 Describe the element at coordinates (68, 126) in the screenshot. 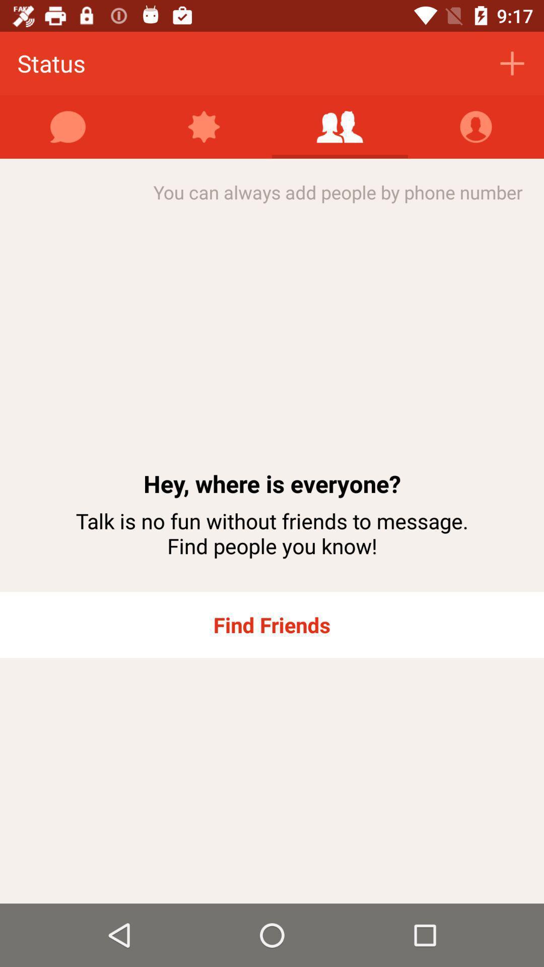

I see `write message` at that location.